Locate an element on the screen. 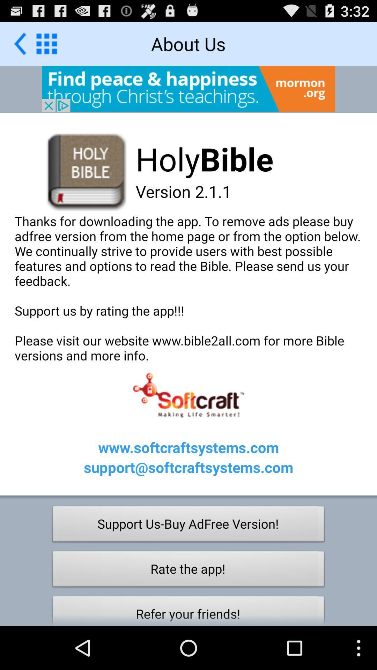  click advertisement is located at coordinates (188, 88).